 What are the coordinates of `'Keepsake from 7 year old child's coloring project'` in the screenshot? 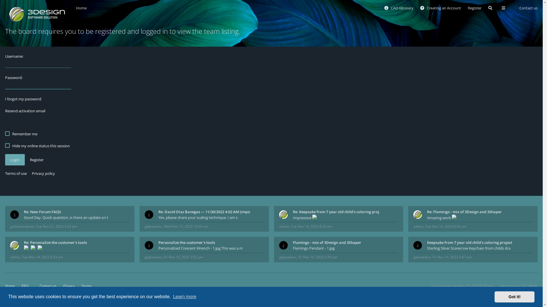 It's located at (479, 242).